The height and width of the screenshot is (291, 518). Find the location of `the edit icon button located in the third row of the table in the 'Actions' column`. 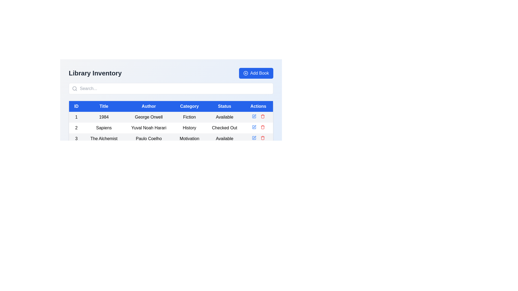

the edit icon button located in the third row of the table in the 'Actions' column is located at coordinates (254, 138).